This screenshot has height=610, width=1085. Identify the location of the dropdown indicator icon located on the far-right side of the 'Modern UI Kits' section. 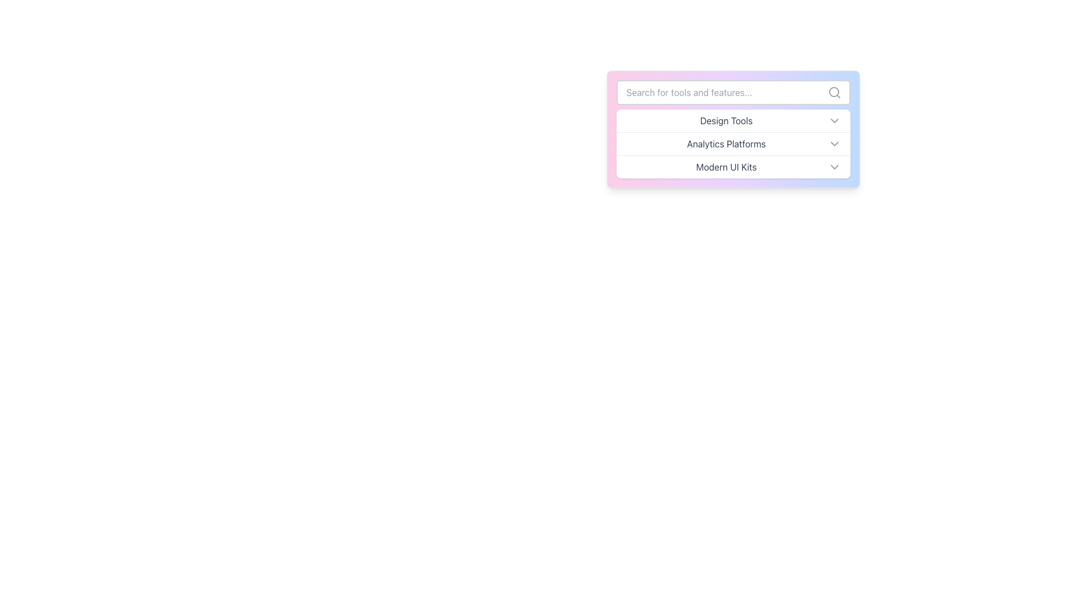
(834, 167).